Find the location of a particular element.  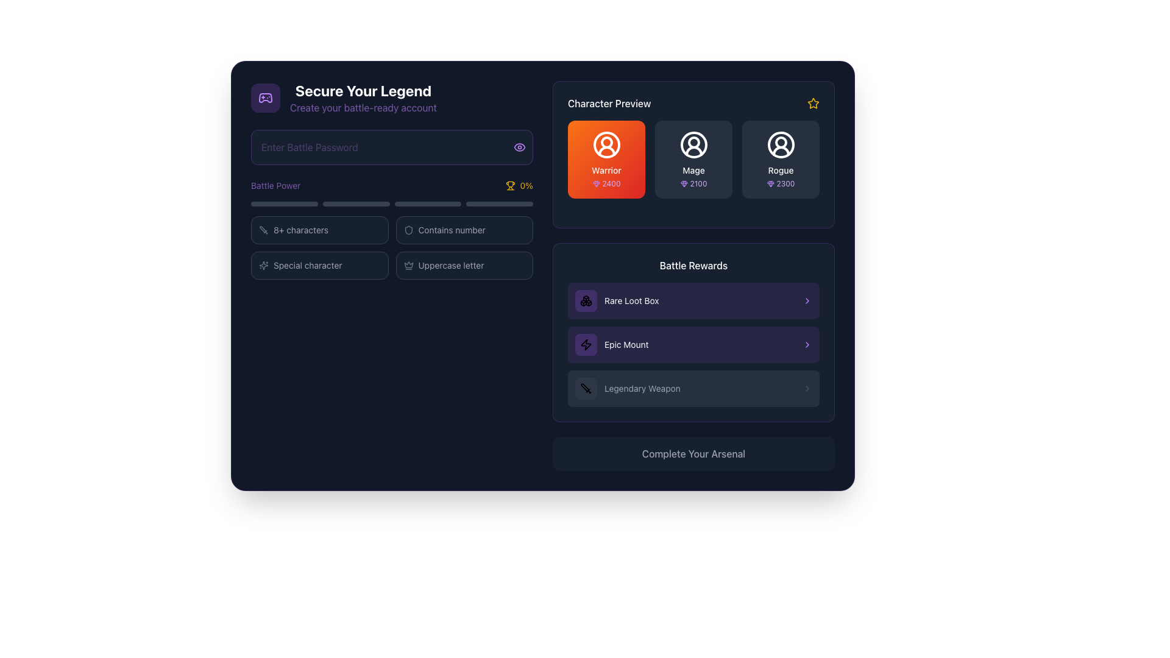

the Text label that serves as a section title for character details, located in the upper right part of the interface is located at coordinates (609, 102).